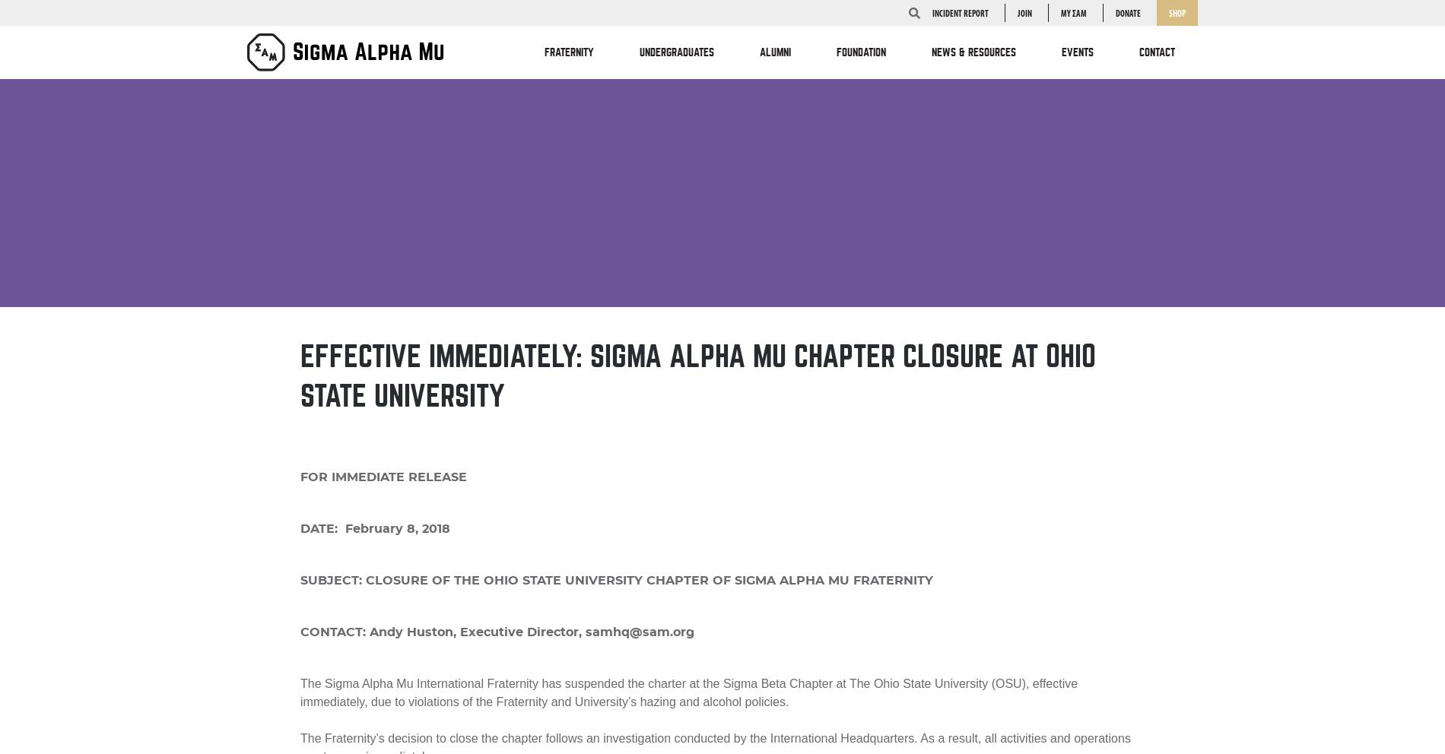 The width and height of the screenshot is (1445, 754). What do you see at coordinates (375, 527) in the screenshot?
I see `'DATE:  February 8, 2018'` at bounding box center [375, 527].